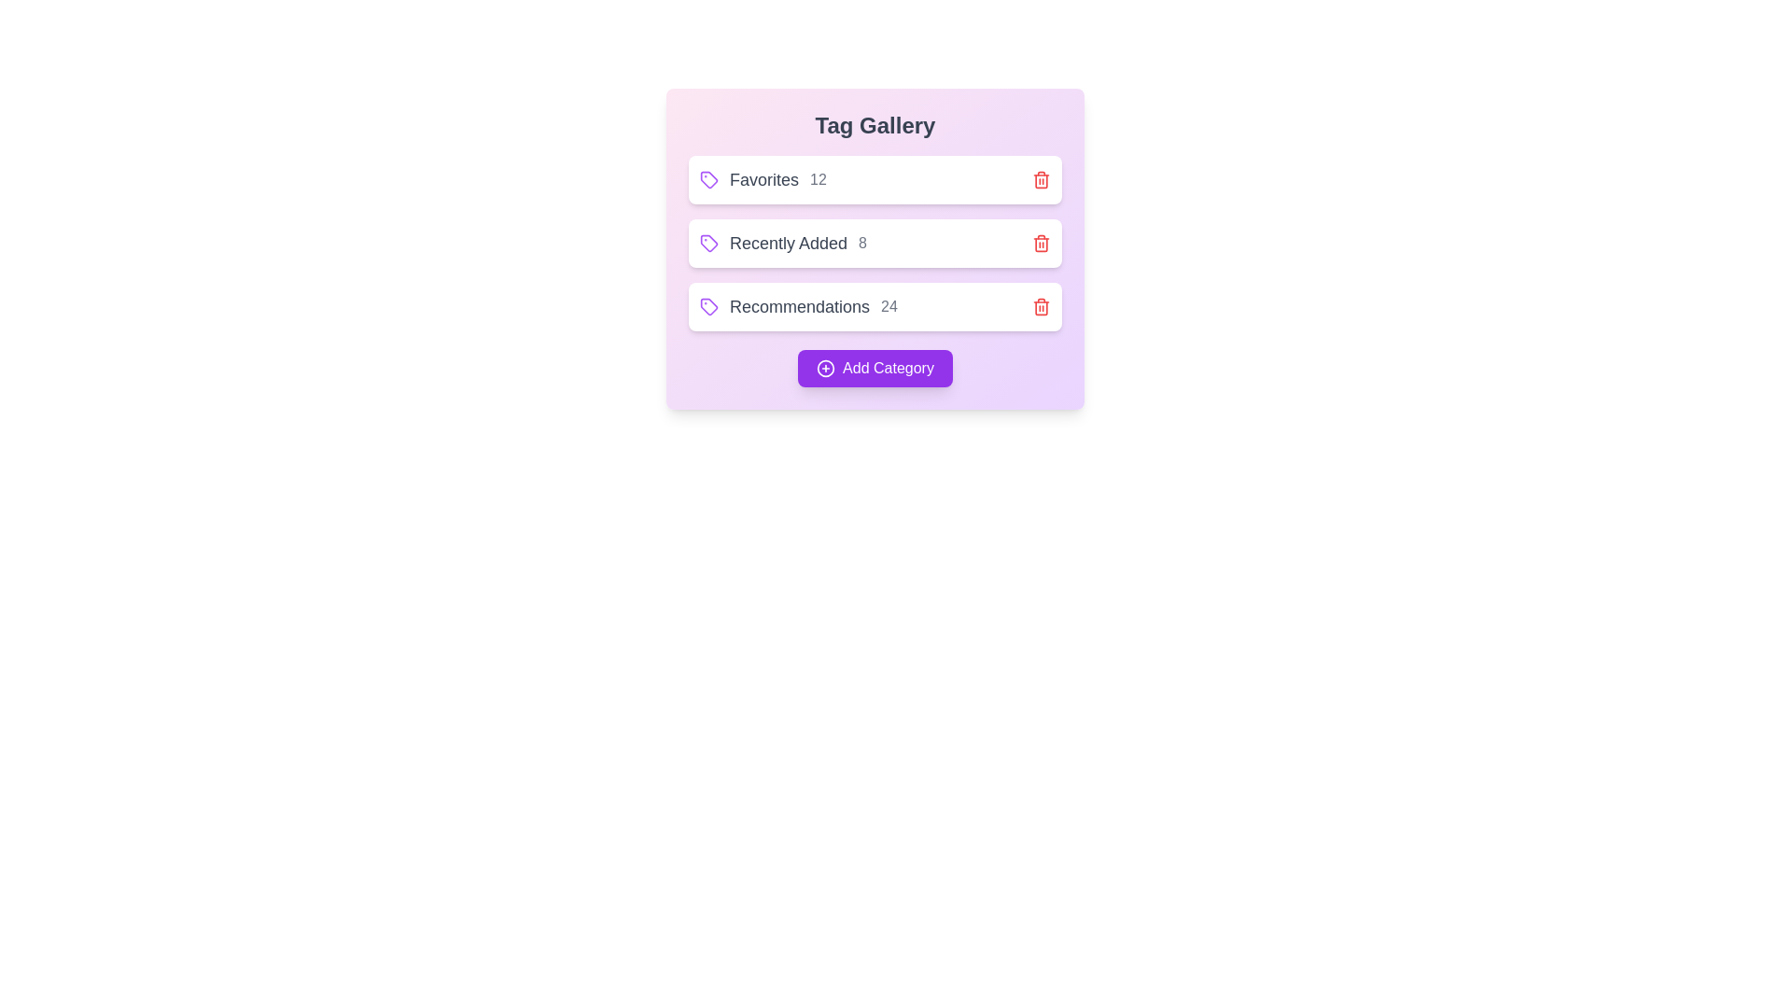  Describe the element at coordinates (874, 368) in the screenshot. I see `'Add Category' button to add a new tag` at that location.